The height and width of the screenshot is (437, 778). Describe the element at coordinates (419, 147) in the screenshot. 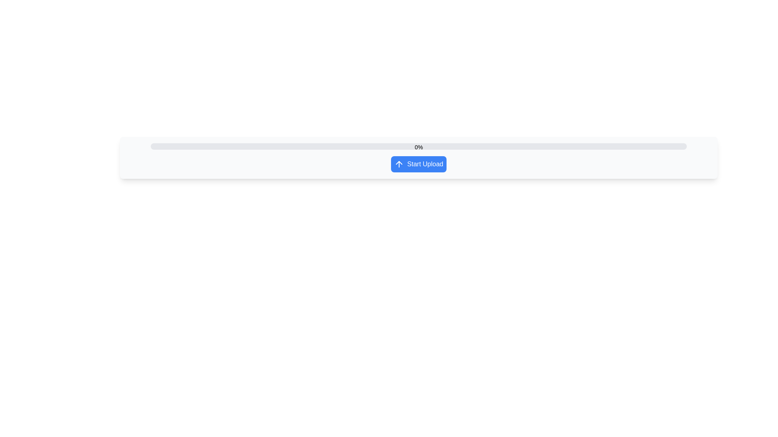

I see `the text label displaying '0%' which is centered above the midpoint of the horizontal progress bar` at that location.